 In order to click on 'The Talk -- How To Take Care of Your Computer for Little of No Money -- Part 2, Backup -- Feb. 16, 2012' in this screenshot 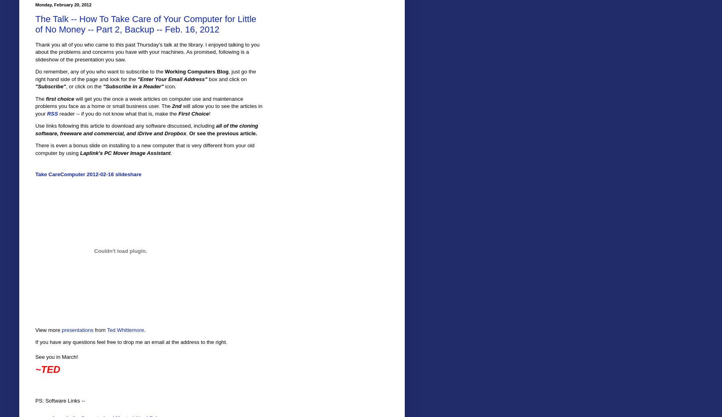, I will do `click(145, 23)`.